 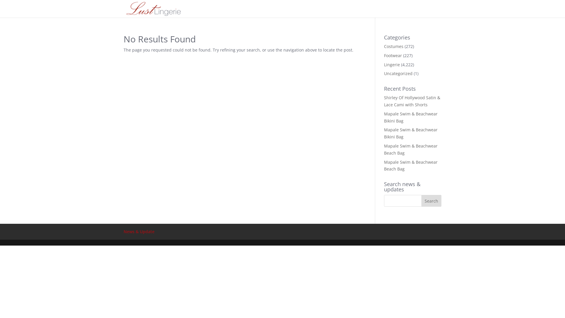 I want to click on 'Lingerie', so click(x=392, y=64).